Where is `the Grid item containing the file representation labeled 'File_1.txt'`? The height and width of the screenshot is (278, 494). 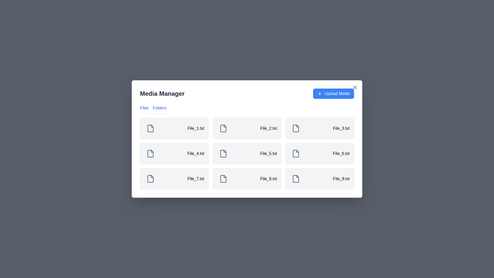 the Grid item containing the file representation labeled 'File_1.txt' is located at coordinates (174, 128).